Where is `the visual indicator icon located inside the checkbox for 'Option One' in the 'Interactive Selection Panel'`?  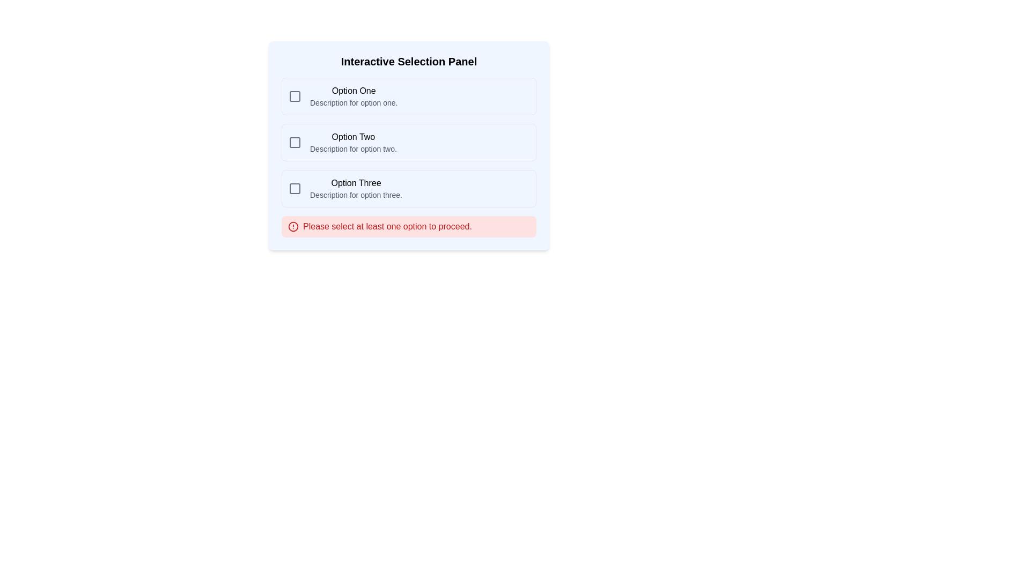
the visual indicator icon located inside the checkbox for 'Option One' in the 'Interactive Selection Panel' is located at coordinates (295, 96).